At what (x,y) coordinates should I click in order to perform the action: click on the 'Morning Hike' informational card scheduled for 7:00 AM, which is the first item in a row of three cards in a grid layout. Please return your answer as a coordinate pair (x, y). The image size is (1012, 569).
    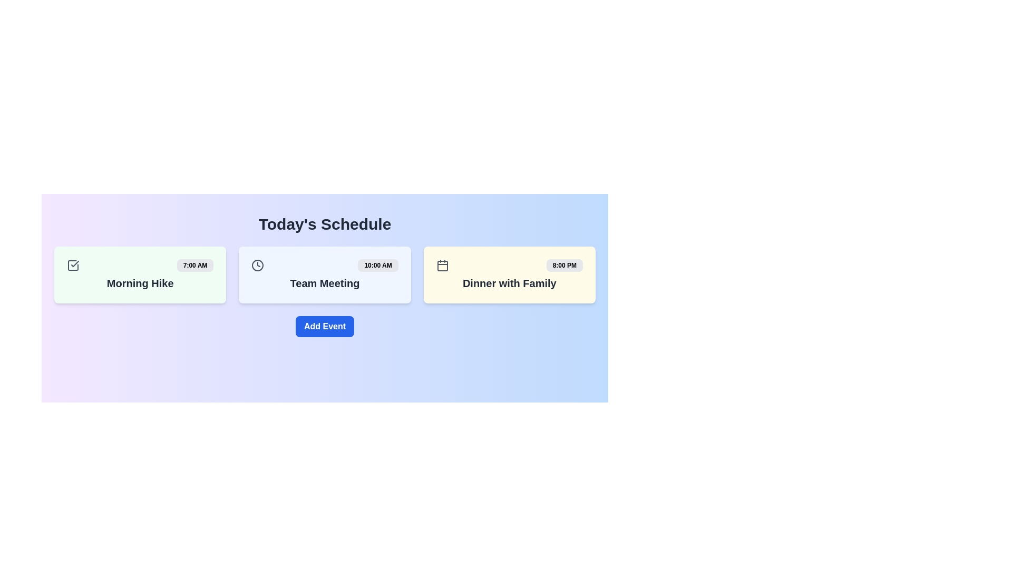
    Looking at the image, I should click on (140, 274).